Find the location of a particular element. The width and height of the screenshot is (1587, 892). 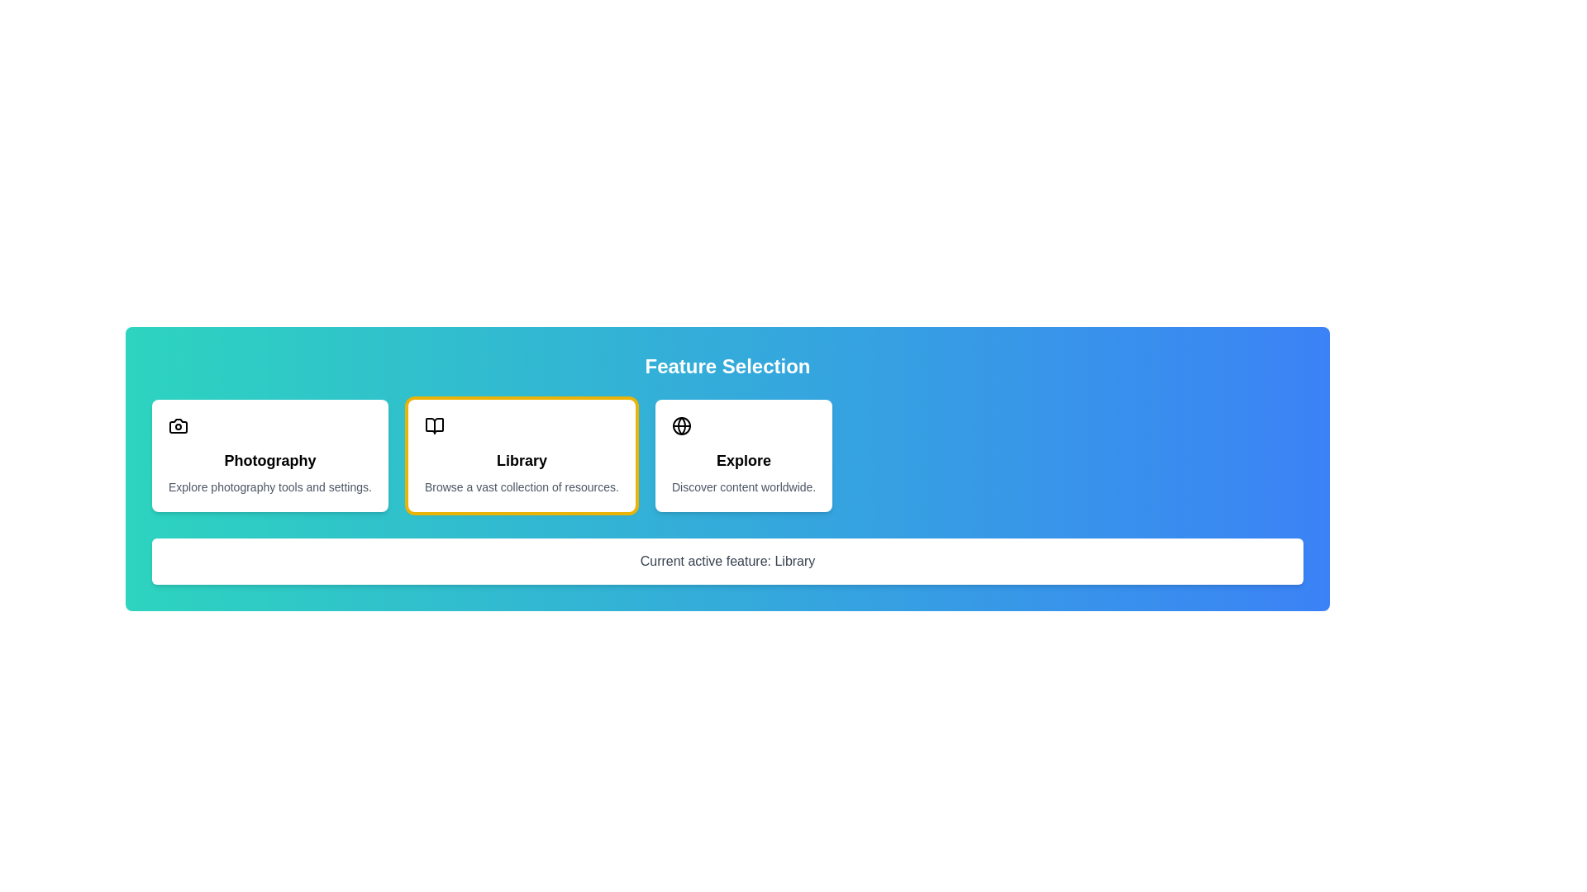

the Text Label located at the top-center of the third card in a horizontal list of cards is located at coordinates (743, 461).